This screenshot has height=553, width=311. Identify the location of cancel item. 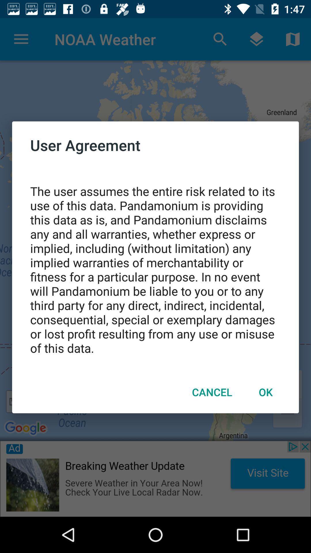
(212, 392).